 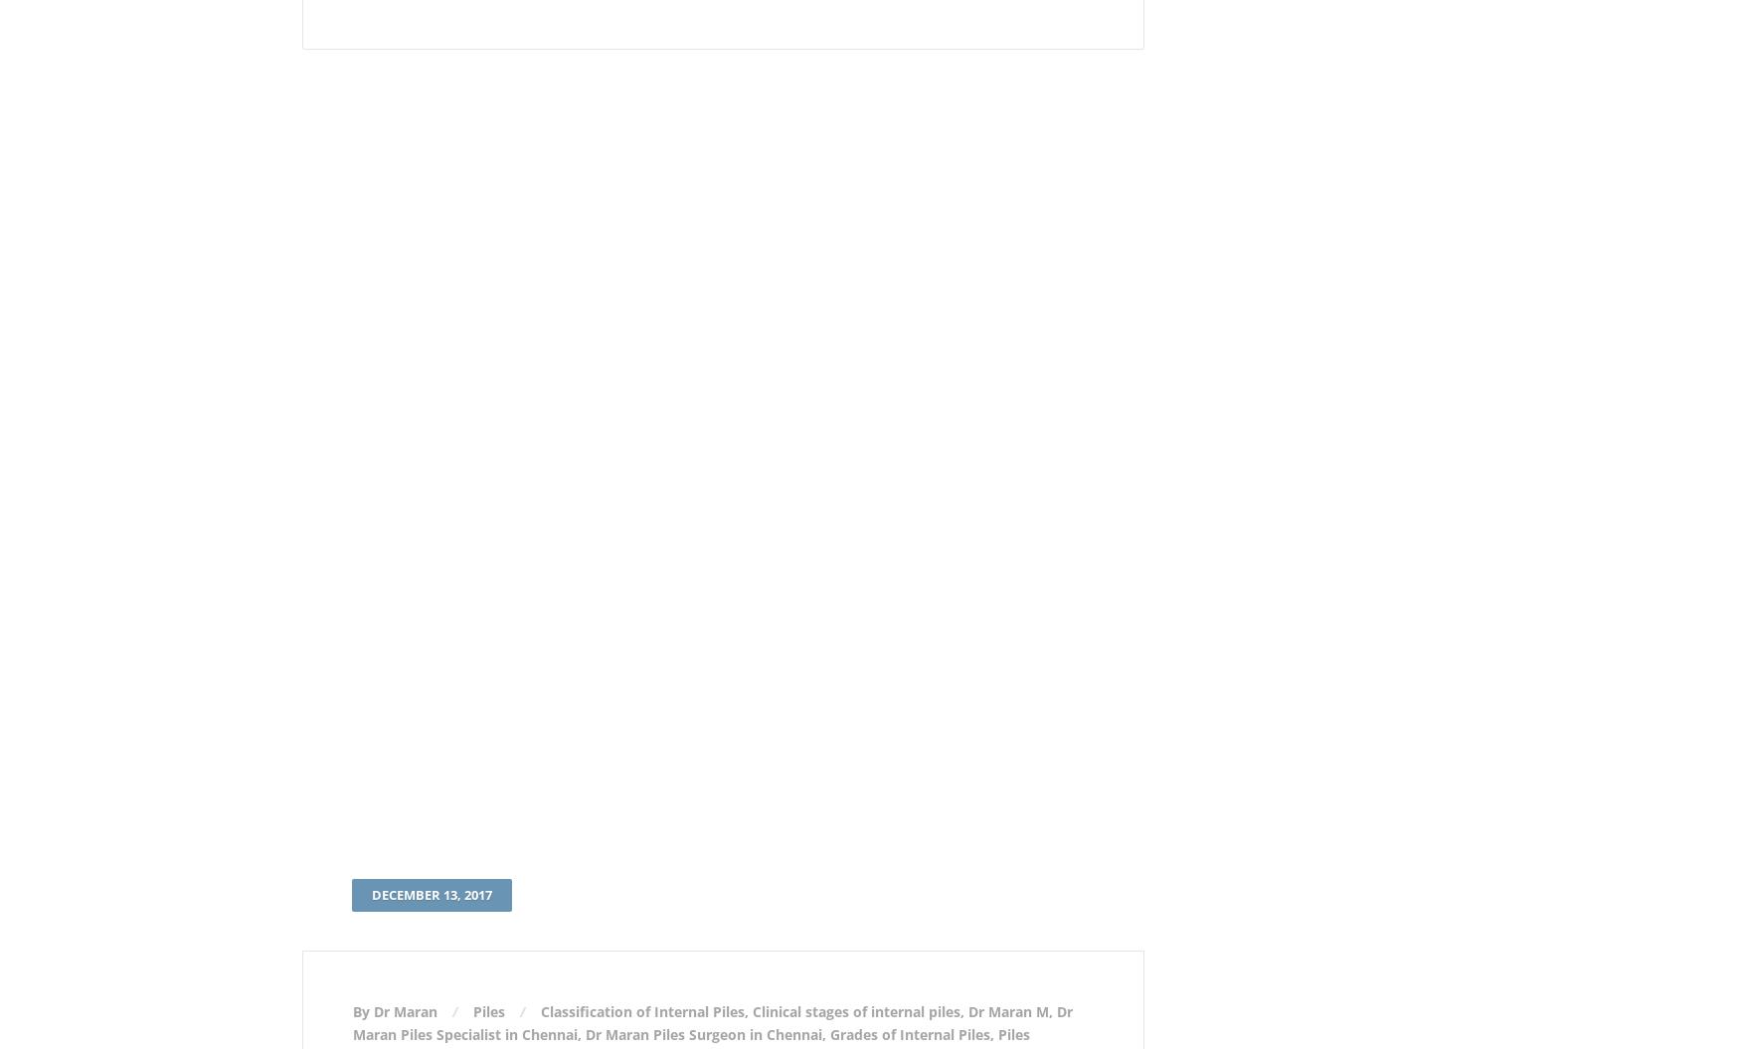 What do you see at coordinates (350, 1021) in the screenshot?
I see `'Dr Maran Piles Specialist in Chennai'` at bounding box center [350, 1021].